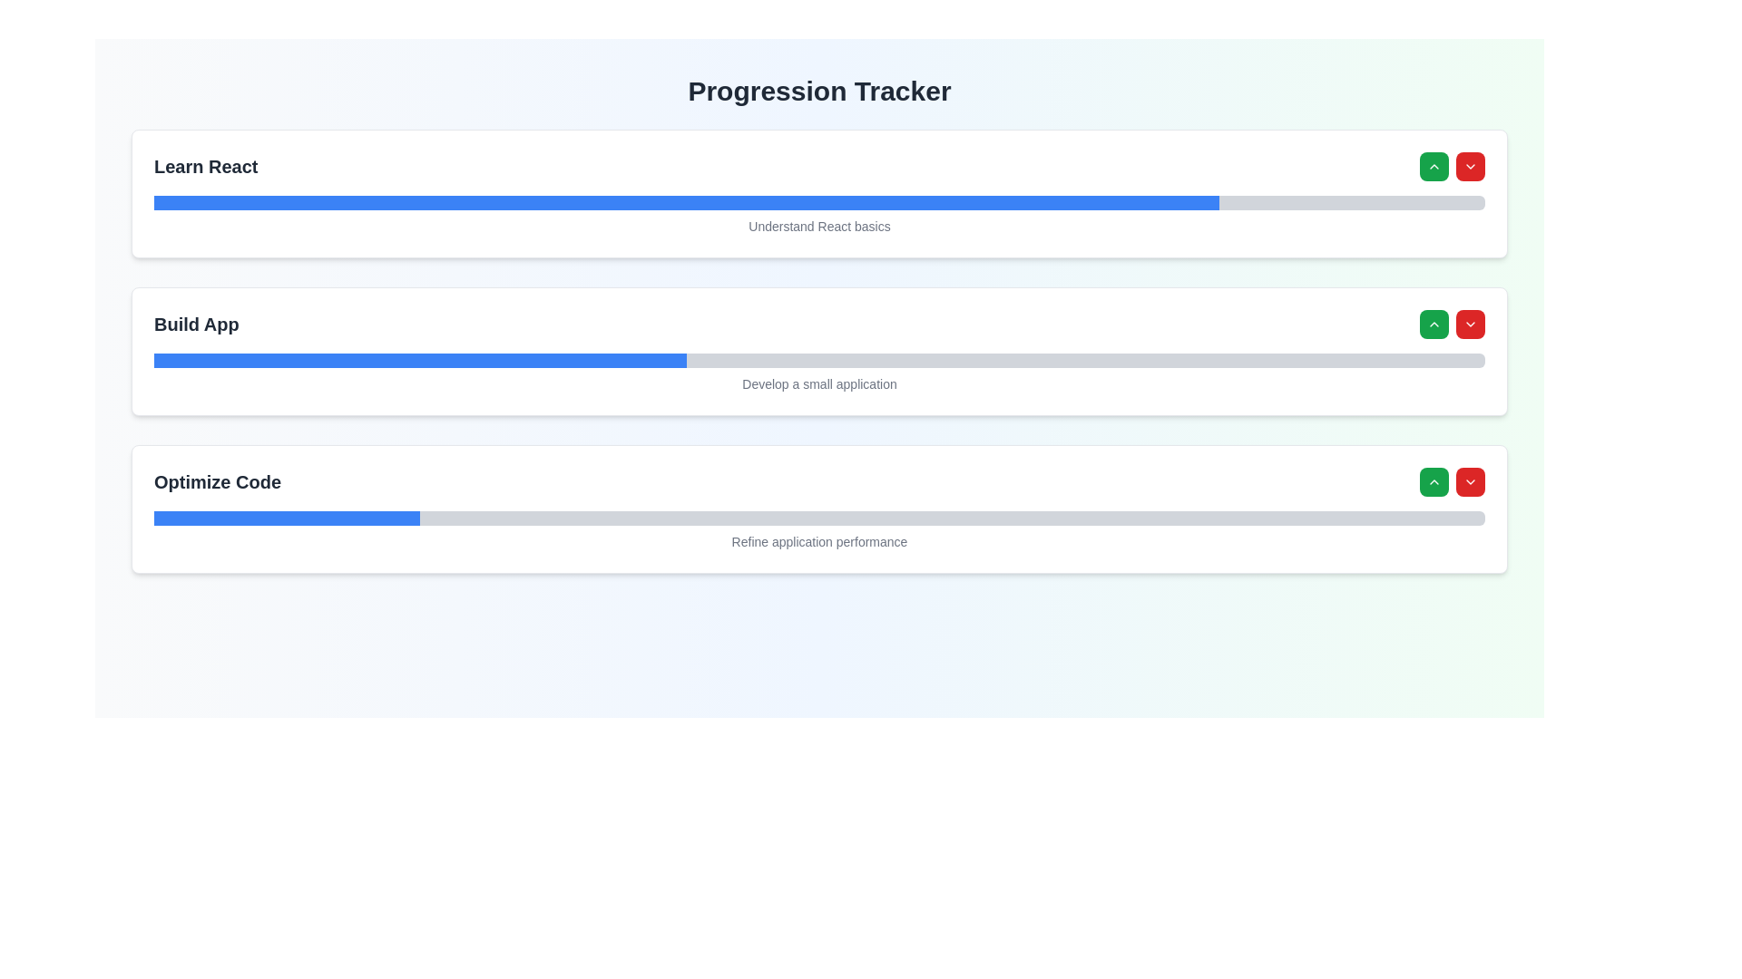 The height and width of the screenshot is (979, 1742). I want to click on the green square button with rounded corners featuring an upward-pointing chevron icon, located at the far-right end of the progress bar for the 'Optimize Code' section, so click(1433, 481).